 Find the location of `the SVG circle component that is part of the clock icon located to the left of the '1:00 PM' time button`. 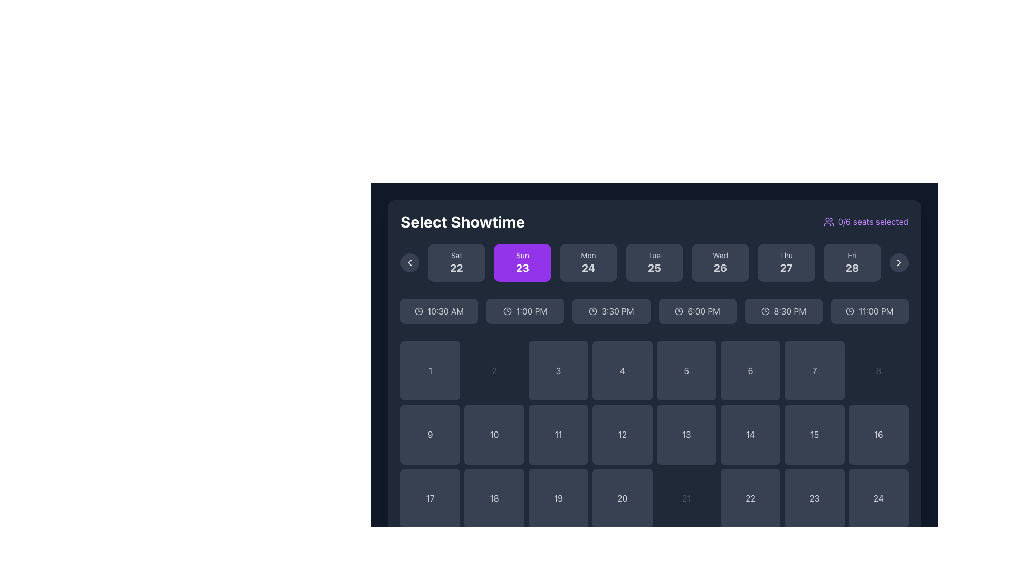

the SVG circle component that is part of the clock icon located to the left of the '1:00 PM' time button is located at coordinates (508, 310).